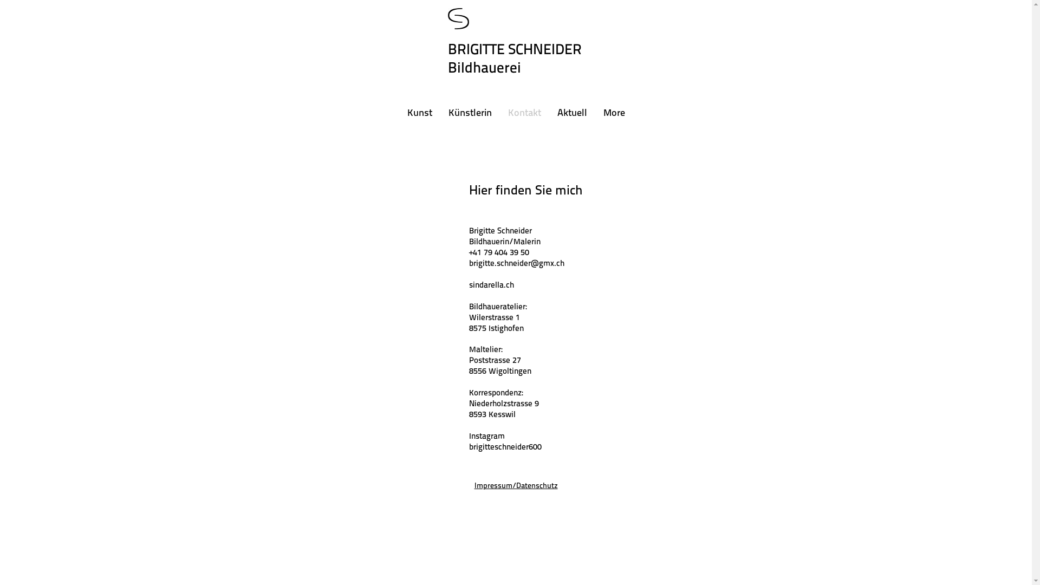  Describe the element at coordinates (571, 113) in the screenshot. I see `'Aktuell'` at that location.